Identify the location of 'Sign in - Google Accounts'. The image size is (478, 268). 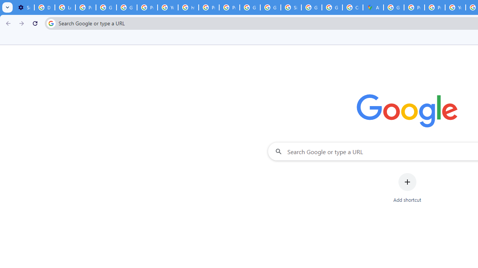
(291, 7).